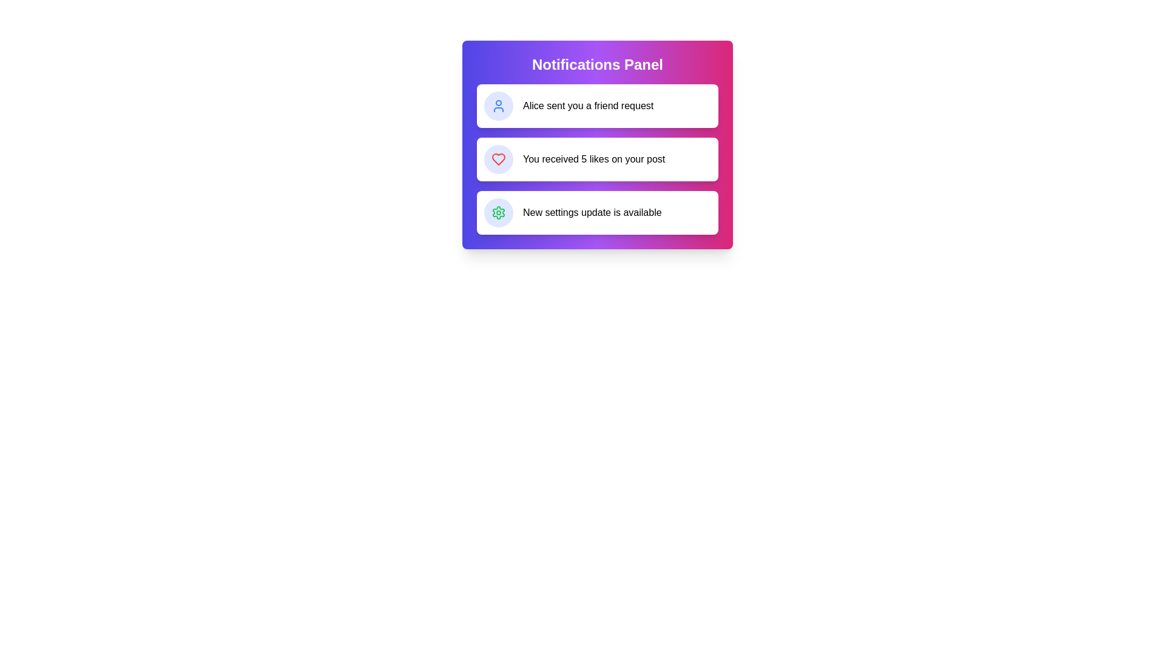 This screenshot has width=1165, height=655. I want to click on notification that indicates 'You received 5 likes on your post.' This notification is the second in a list within the notifications panel, visually represented with a white background and black text, along with an indigo circular icon containing a red heart symbol, so click(597, 158).